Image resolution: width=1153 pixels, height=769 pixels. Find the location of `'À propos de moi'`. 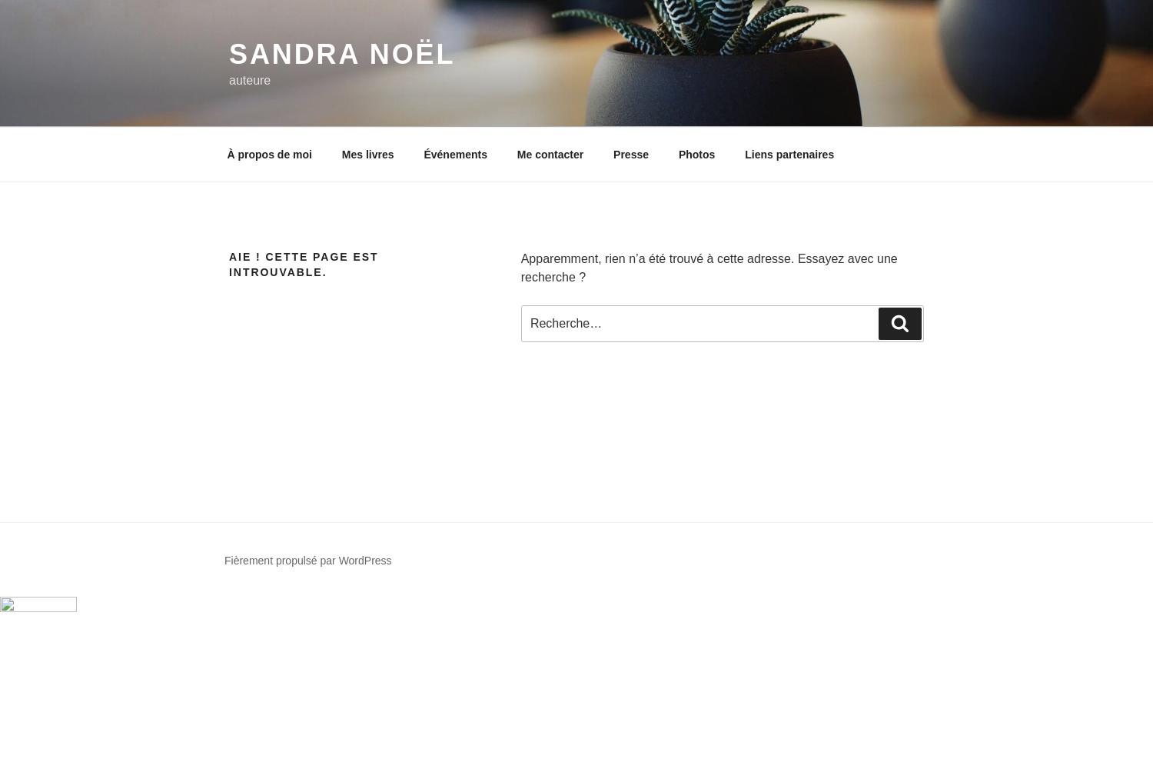

'À propos de moi' is located at coordinates (267, 153).